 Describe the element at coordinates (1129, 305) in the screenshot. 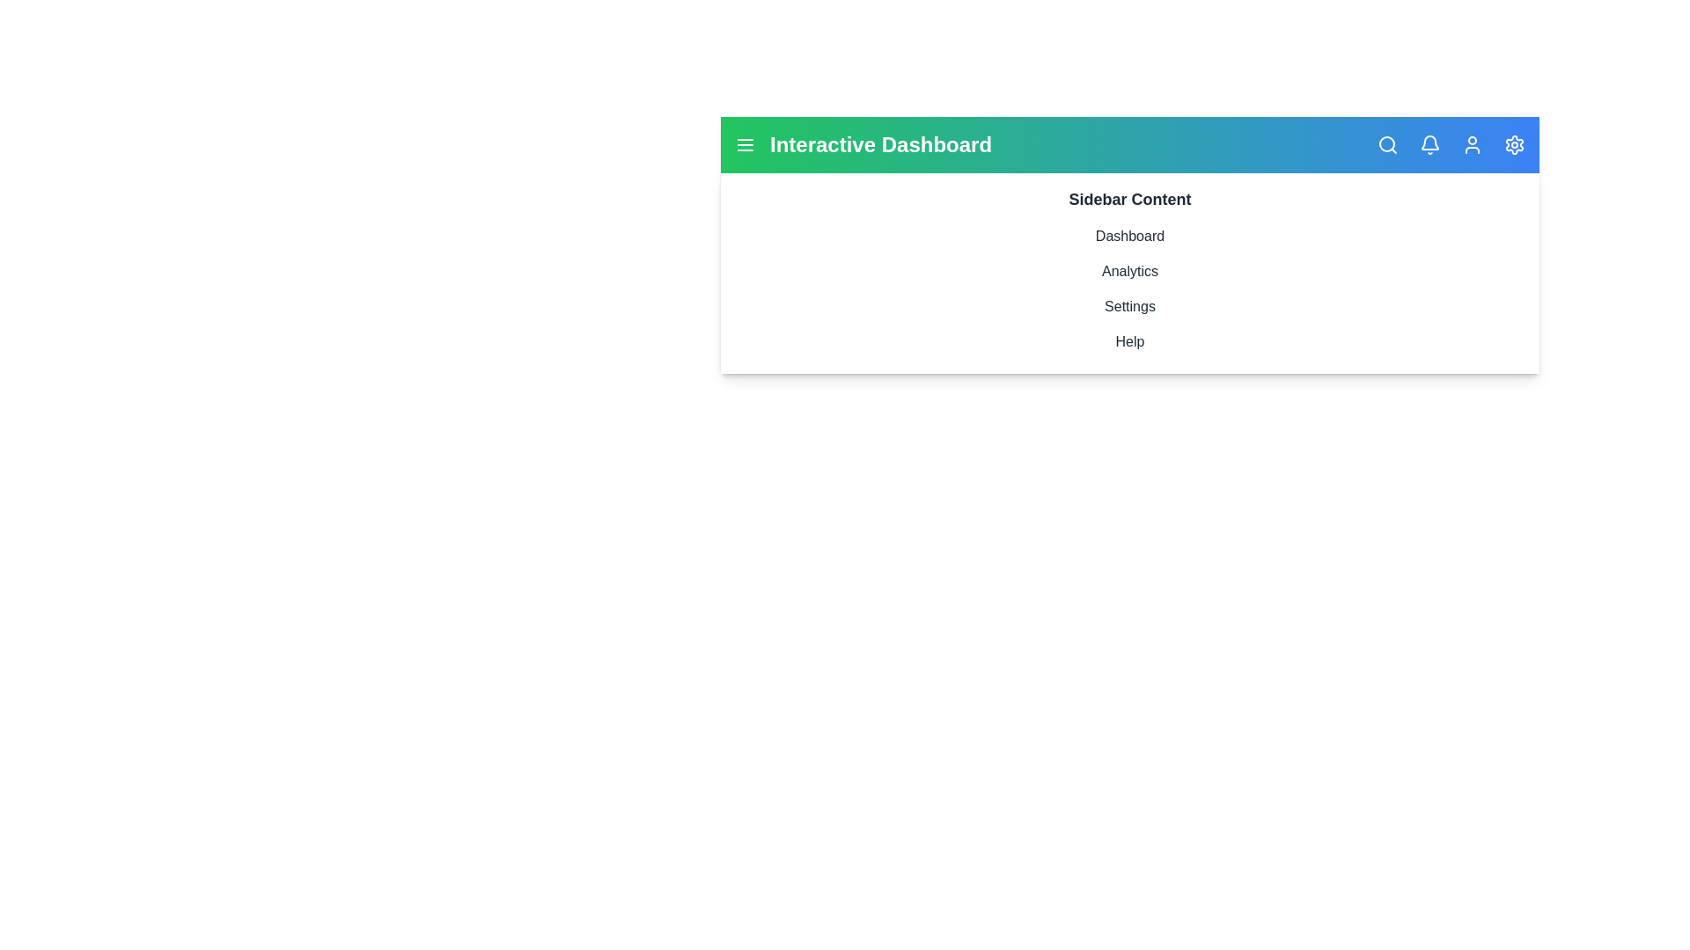

I see `the sidebar item Settings by clicking on it` at that location.